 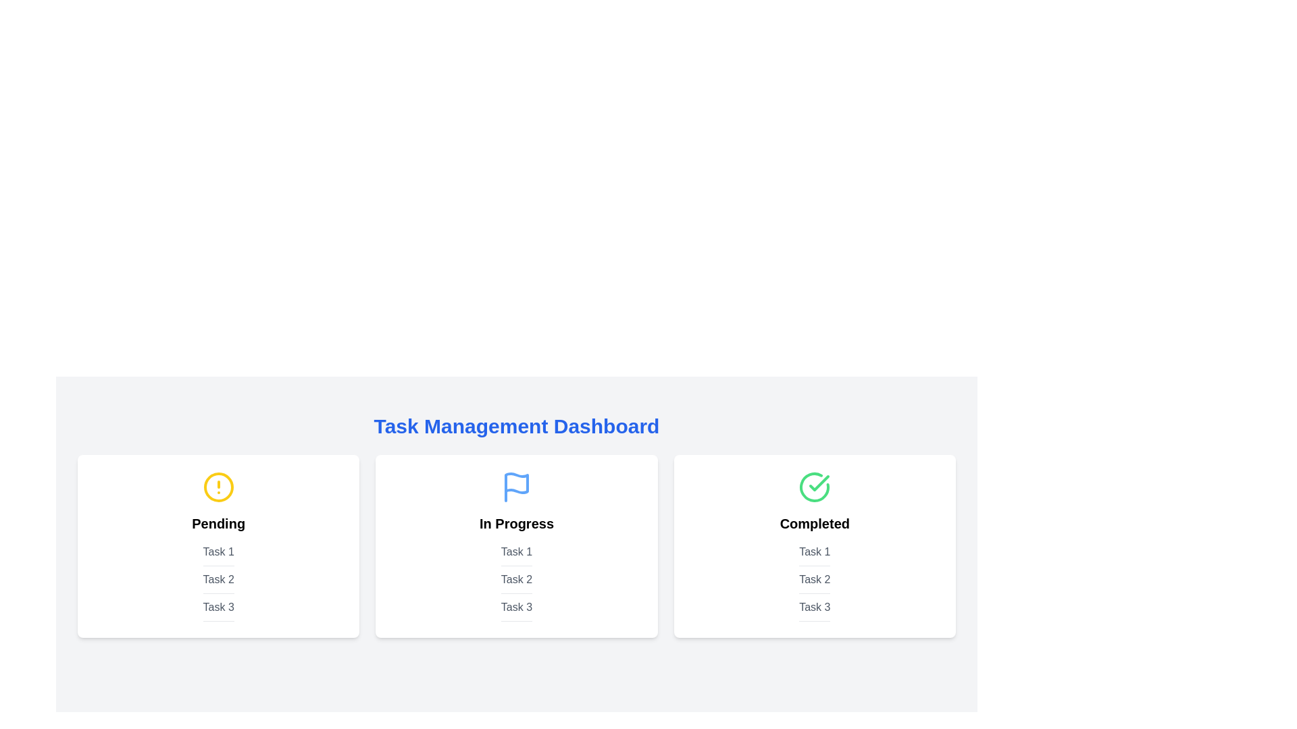 I want to click on the first card-like component with a white background and a yellow alert icon at the top, which displays the bold text 'Pending' and a list of tasks, so click(x=218, y=545).